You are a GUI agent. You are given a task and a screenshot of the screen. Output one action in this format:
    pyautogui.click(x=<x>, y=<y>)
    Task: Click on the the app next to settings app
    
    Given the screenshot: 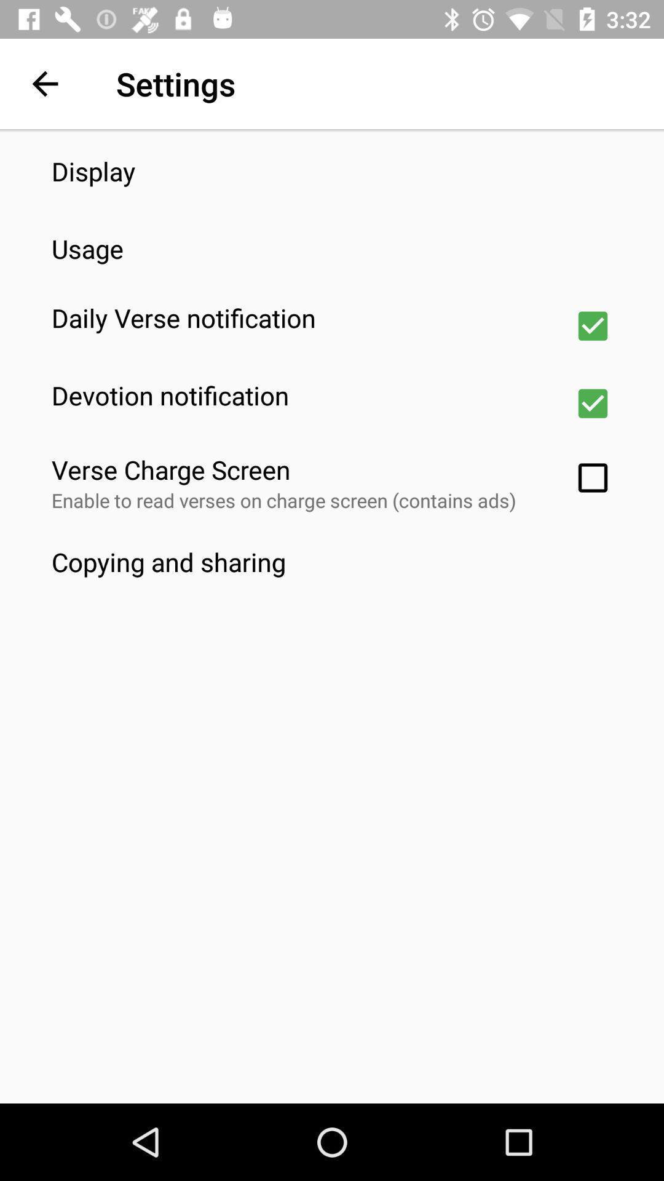 What is the action you would take?
    pyautogui.click(x=44, y=83)
    